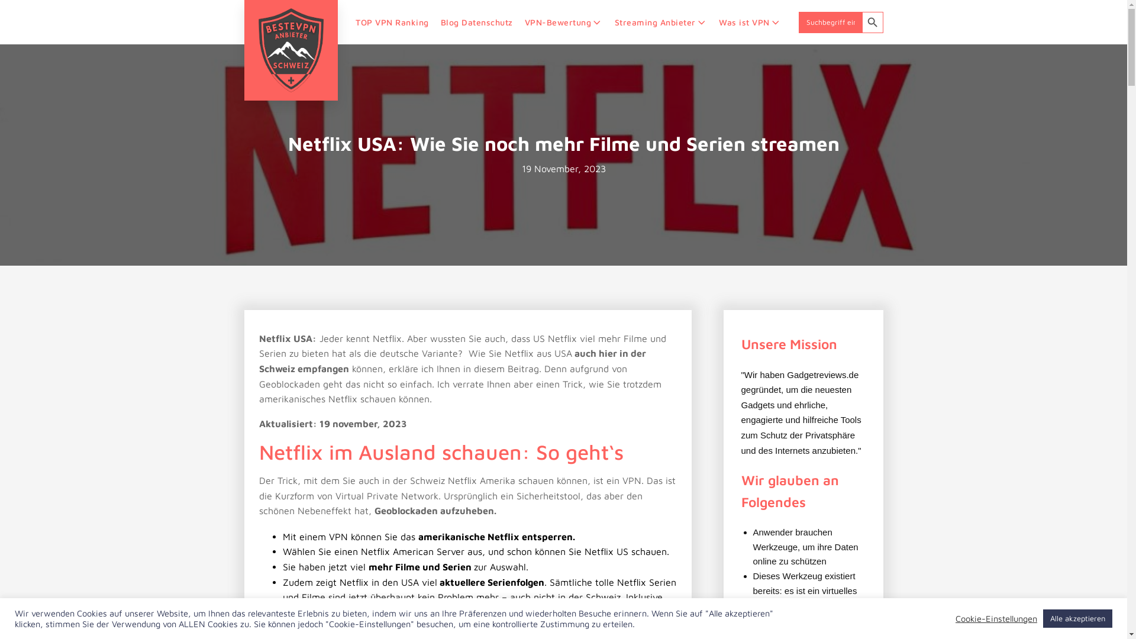  Describe the element at coordinates (392, 22) in the screenshot. I see `'TOP VPN Ranking'` at that location.